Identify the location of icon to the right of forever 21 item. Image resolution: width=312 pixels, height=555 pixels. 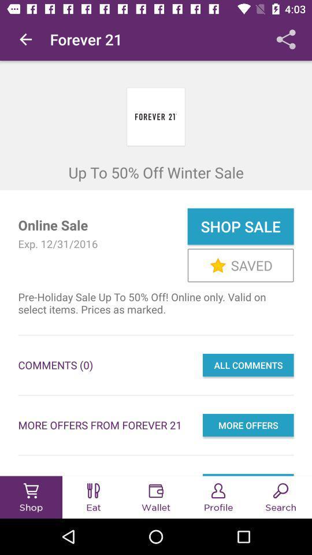
(285, 39).